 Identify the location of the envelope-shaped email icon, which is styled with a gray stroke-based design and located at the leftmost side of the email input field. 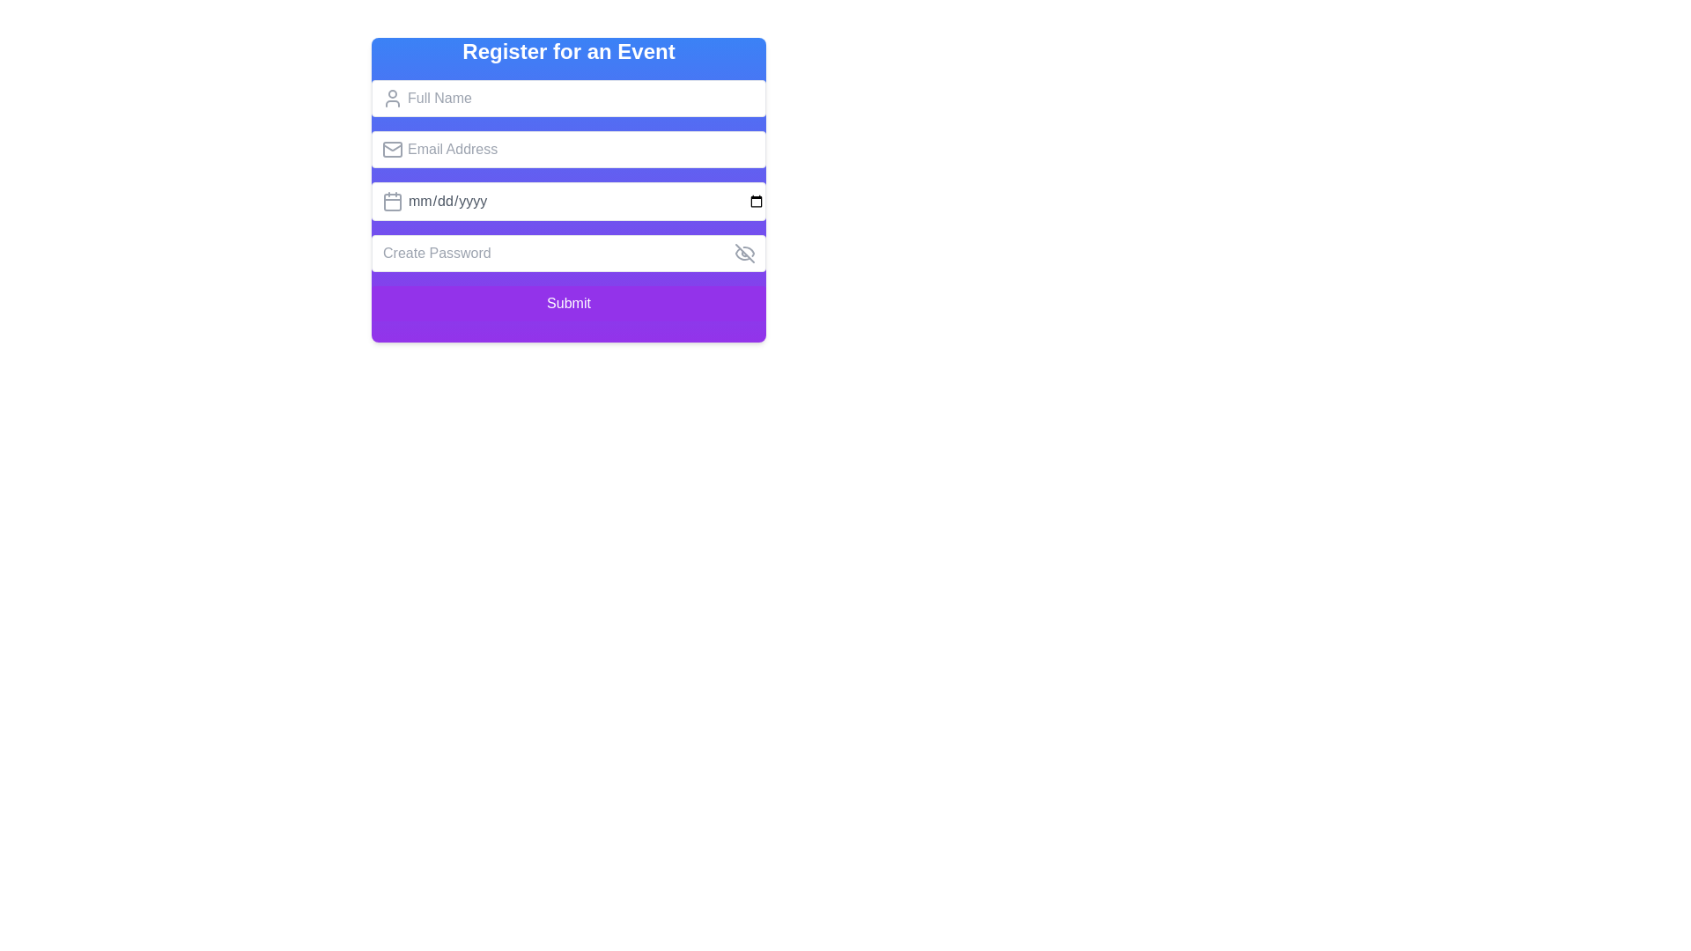
(392, 148).